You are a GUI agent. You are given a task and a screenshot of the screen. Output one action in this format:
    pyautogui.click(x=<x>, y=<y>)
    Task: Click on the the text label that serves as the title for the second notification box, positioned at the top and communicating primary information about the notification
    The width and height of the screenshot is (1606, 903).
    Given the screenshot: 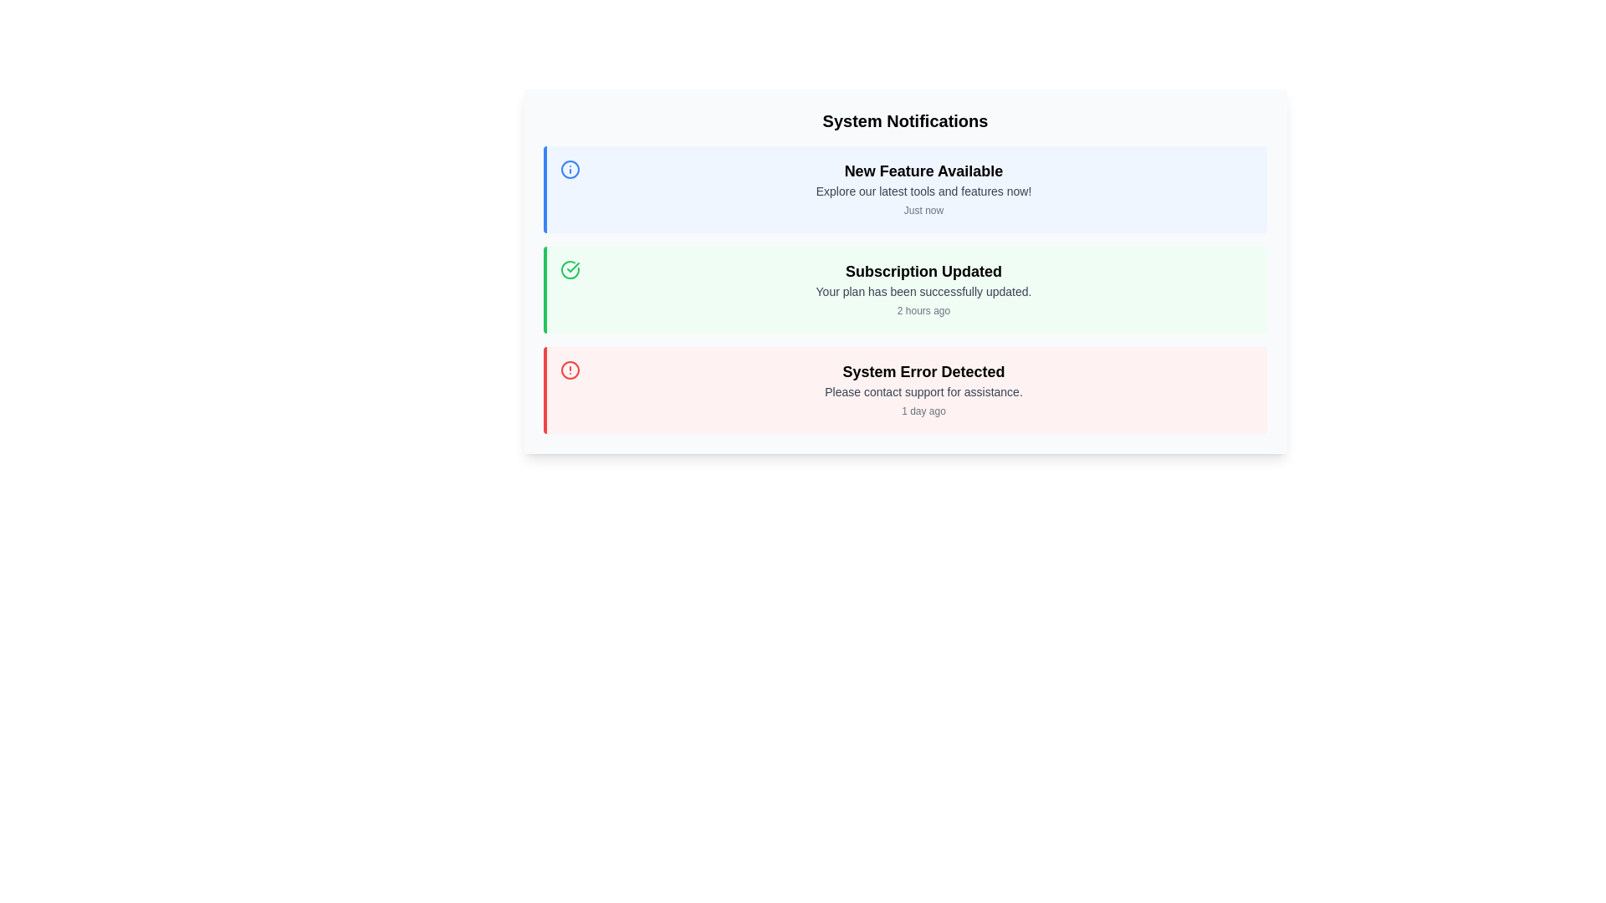 What is the action you would take?
    pyautogui.click(x=923, y=270)
    